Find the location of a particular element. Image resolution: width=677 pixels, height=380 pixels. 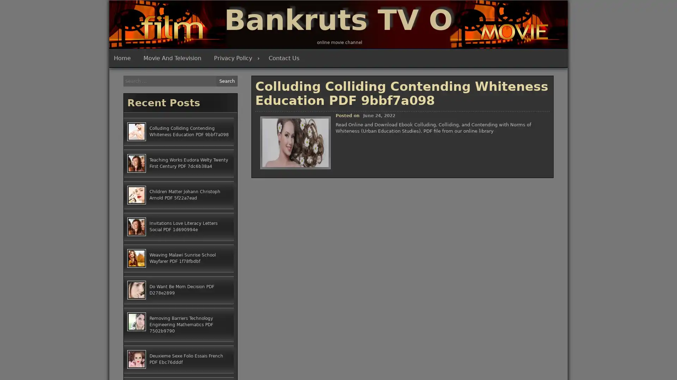

Search is located at coordinates (227, 81).